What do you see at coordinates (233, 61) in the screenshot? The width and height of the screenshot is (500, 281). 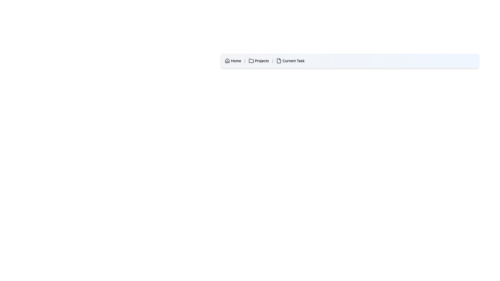 I see `the 'Home' linked breadcrumb item, which consists of a house icon and the text 'Home'` at bounding box center [233, 61].